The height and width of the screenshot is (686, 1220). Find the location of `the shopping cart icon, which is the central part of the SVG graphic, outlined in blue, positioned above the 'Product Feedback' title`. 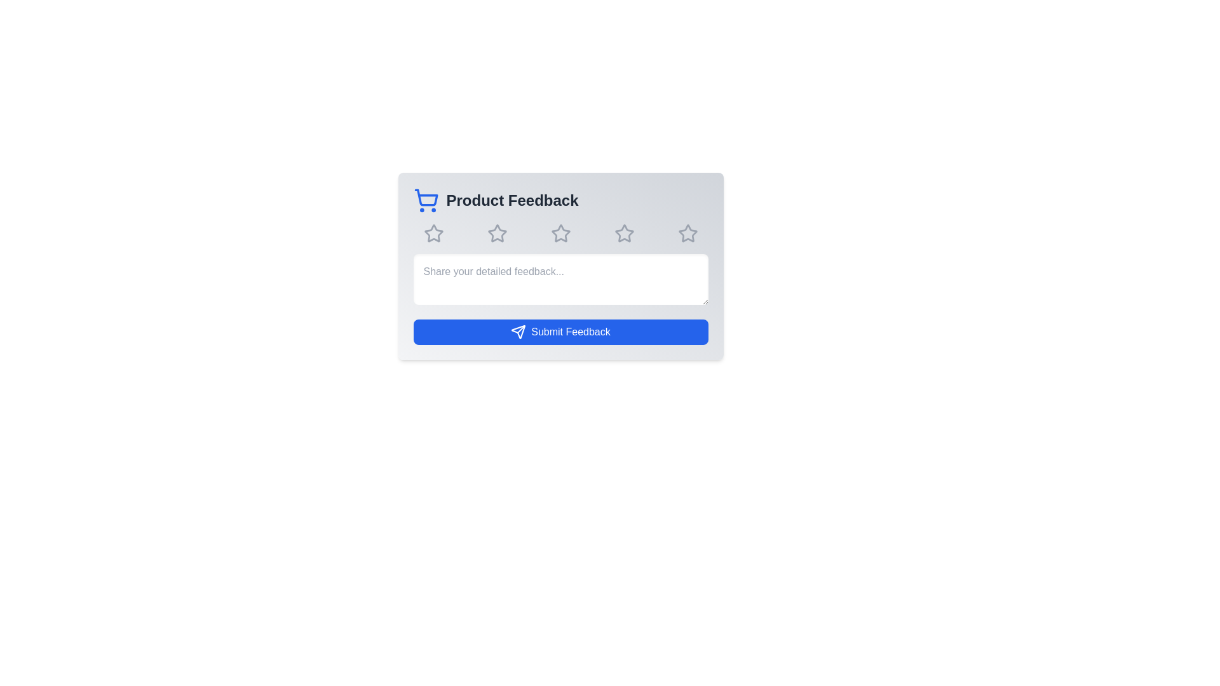

the shopping cart icon, which is the central part of the SVG graphic, outlined in blue, positioned above the 'Product Feedback' title is located at coordinates (426, 198).